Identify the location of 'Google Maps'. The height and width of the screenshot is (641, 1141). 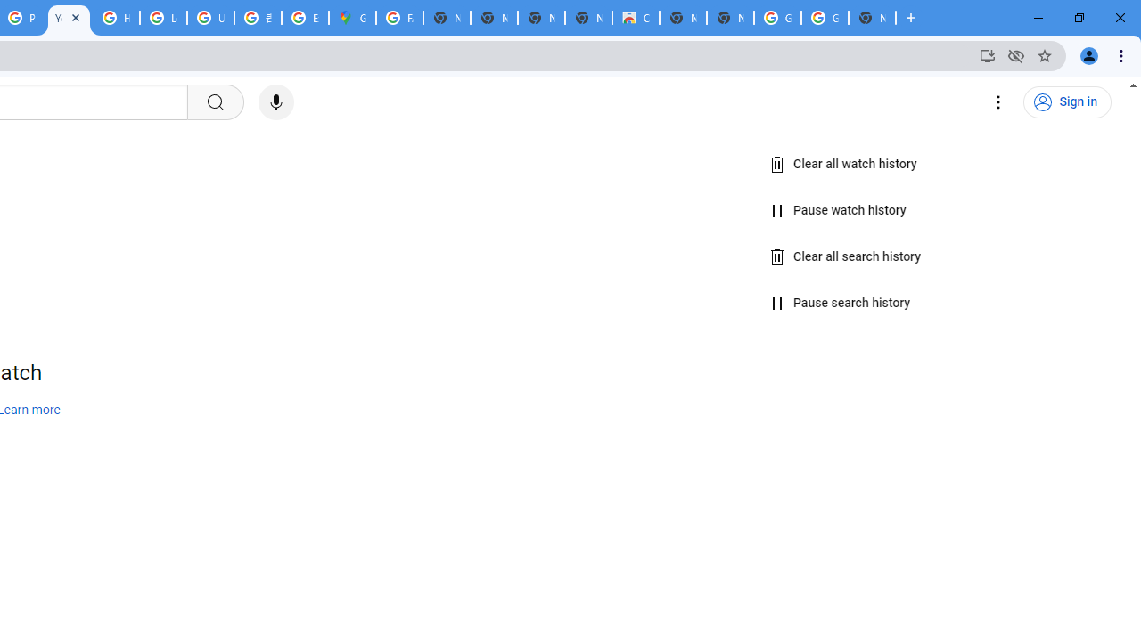
(352, 18).